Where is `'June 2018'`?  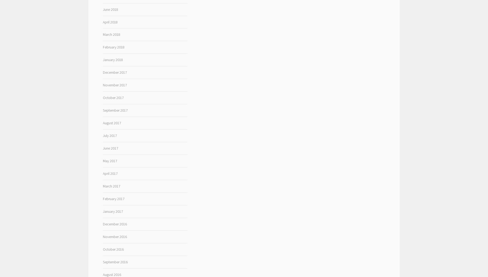
'June 2018' is located at coordinates (110, 9).